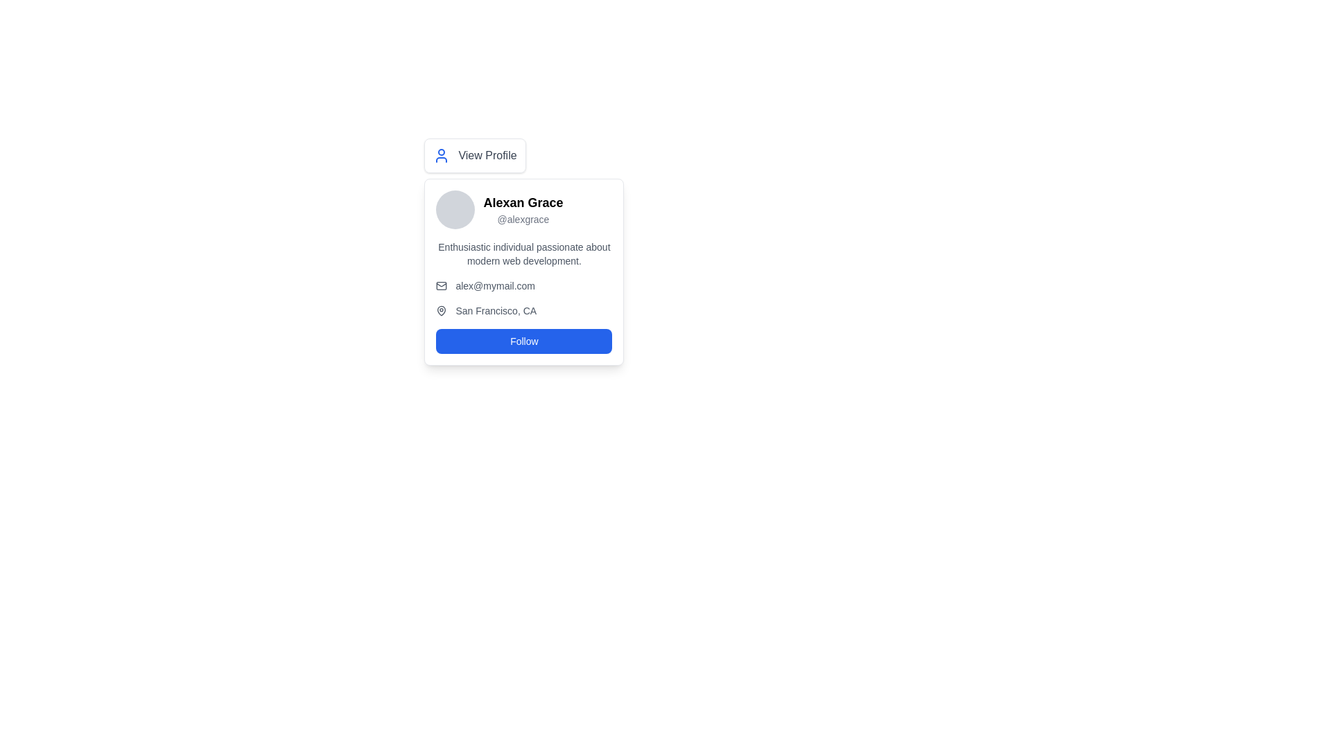 The height and width of the screenshot is (748, 1331). Describe the element at coordinates (487, 155) in the screenshot. I see `text content of the label located to the right of the blue user icon within the user-profile card` at that location.